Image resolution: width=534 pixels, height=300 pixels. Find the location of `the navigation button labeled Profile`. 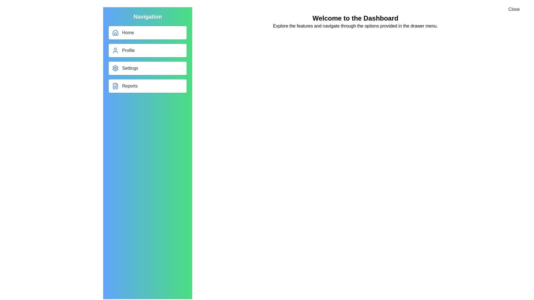

the navigation button labeled Profile is located at coordinates (148, 50).